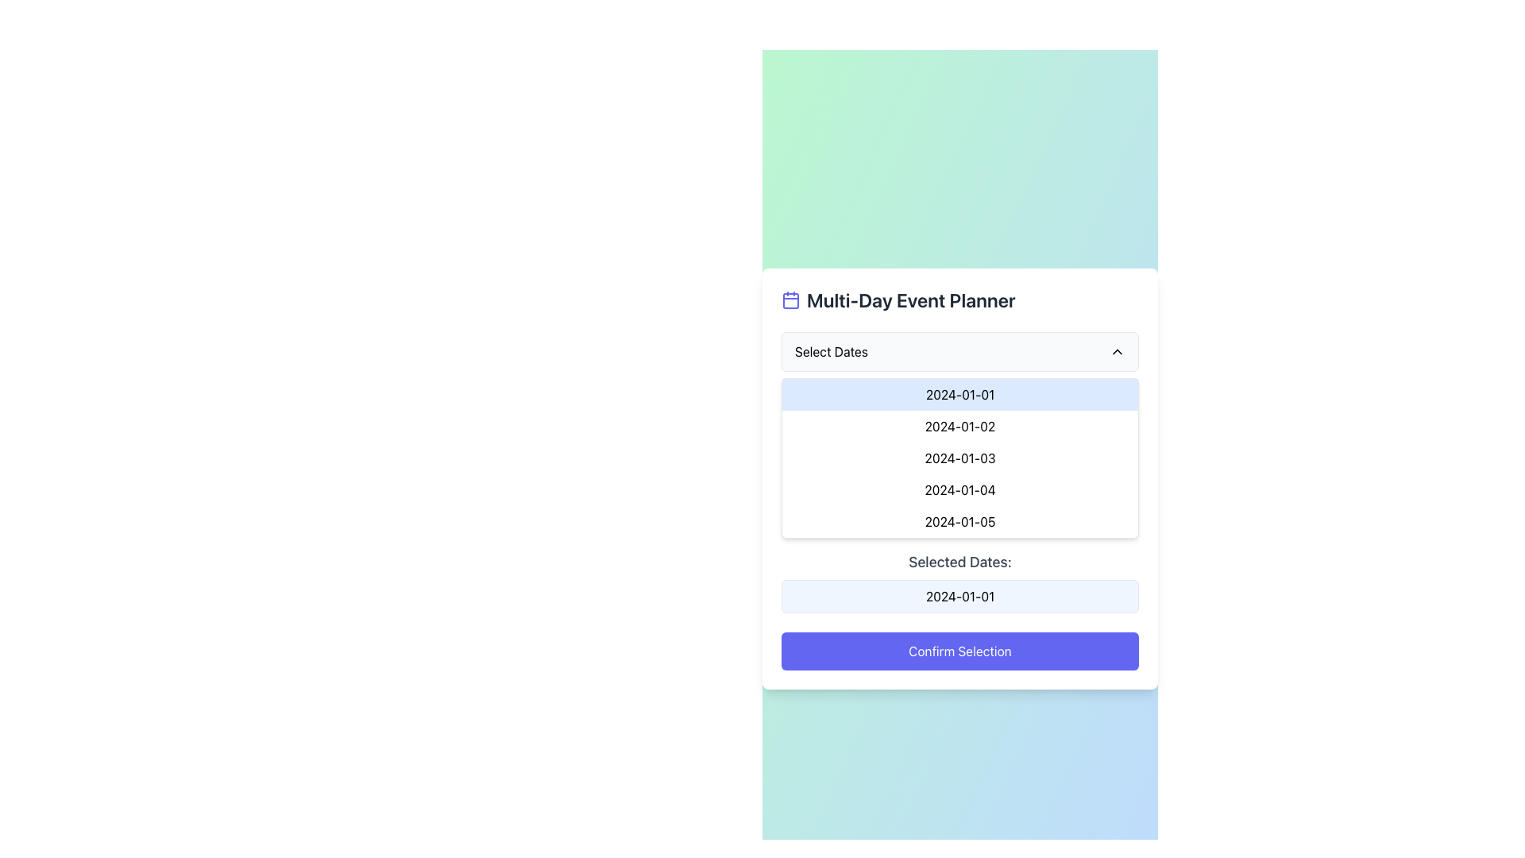  Describe the element at coordinates (959, 597) in the screenshot. I see `the Text Display Box that shows the selected date, located below the 'Selected Dates:' label and above the 'Confirm Selection' button` at that location.